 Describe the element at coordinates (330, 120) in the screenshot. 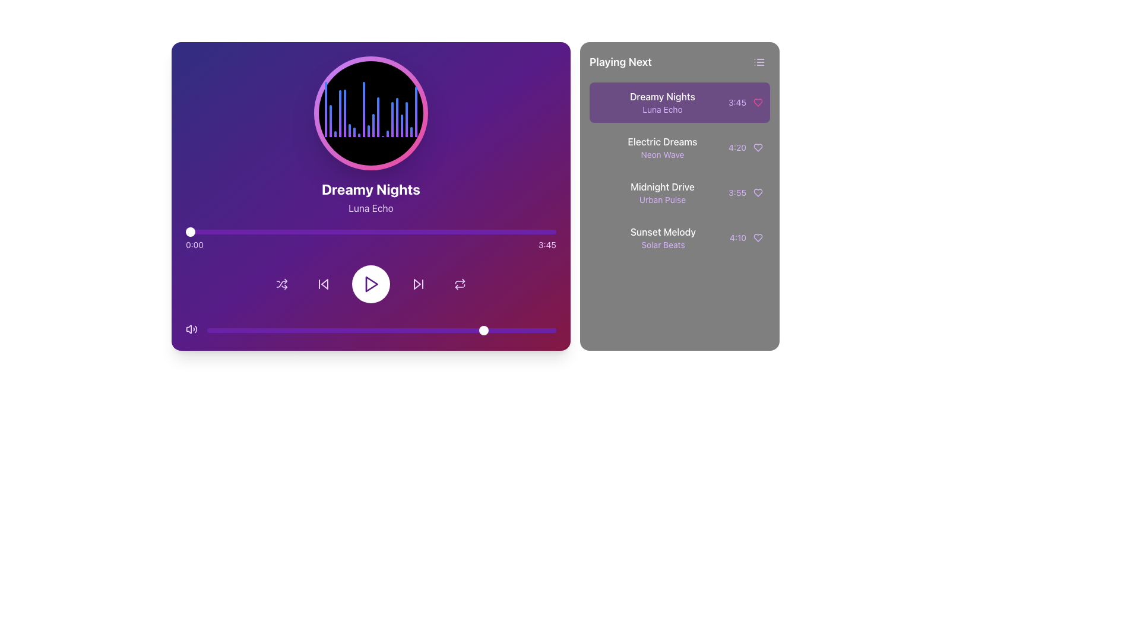

I see `the second vertical bar in the audio waveform display, which has a gradient fill from purple to blue and is located near the left side of the waveform visualization` at that location.